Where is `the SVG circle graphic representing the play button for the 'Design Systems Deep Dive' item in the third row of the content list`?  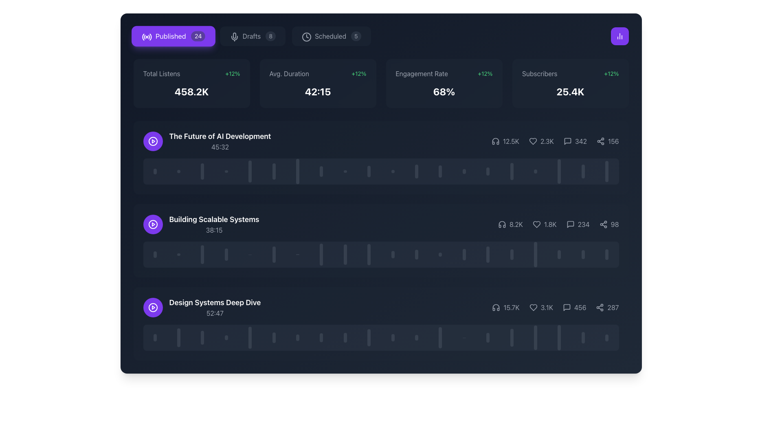 the SVG circle graphic representing the play button for the 'Design Systems Deep Dive' item in the third row of the content list is located at coordinates (153, 224).